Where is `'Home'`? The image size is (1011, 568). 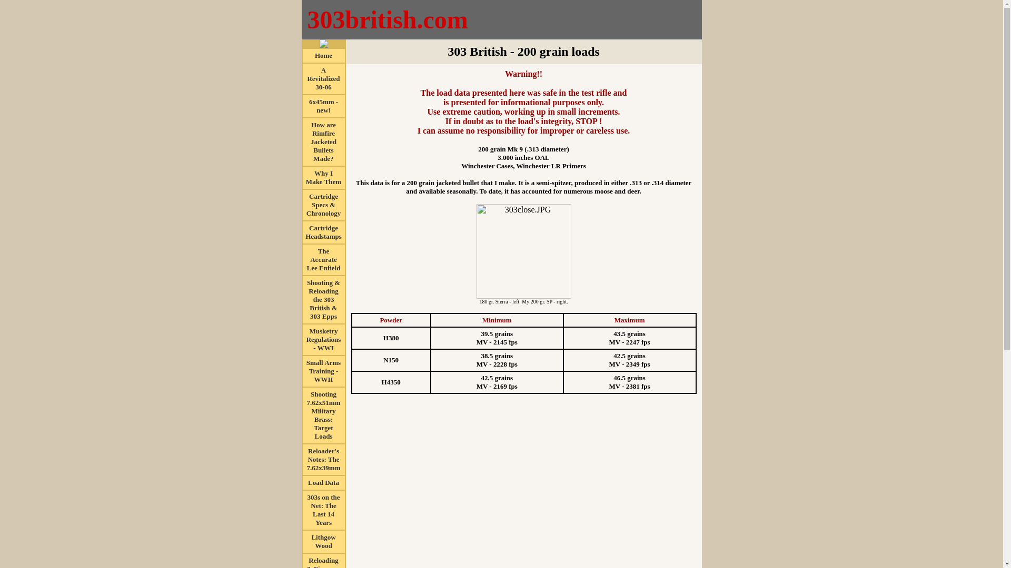 'Home' is located at coordinates (323, 55).